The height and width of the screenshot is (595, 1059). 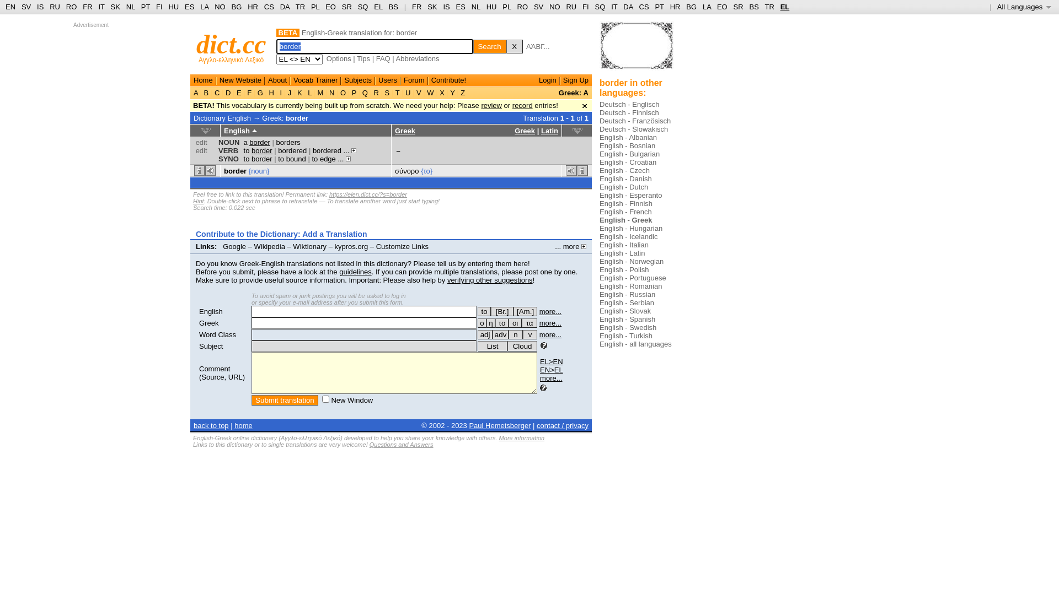 I want to click on 'T', so click(x=393, y=92).